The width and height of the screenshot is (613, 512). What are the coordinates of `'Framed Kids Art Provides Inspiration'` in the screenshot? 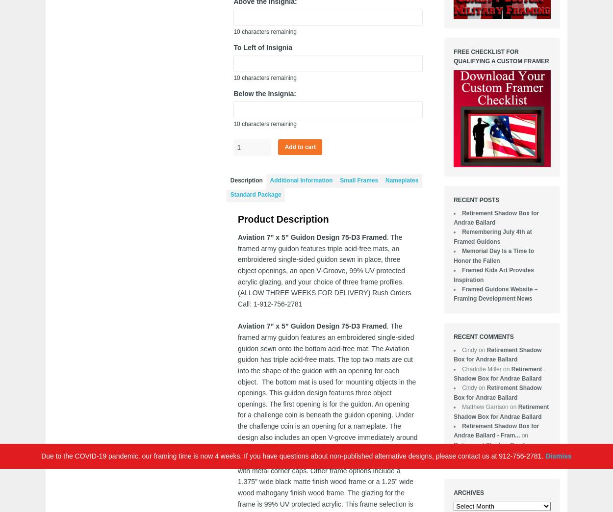 It's located at (493, 274).